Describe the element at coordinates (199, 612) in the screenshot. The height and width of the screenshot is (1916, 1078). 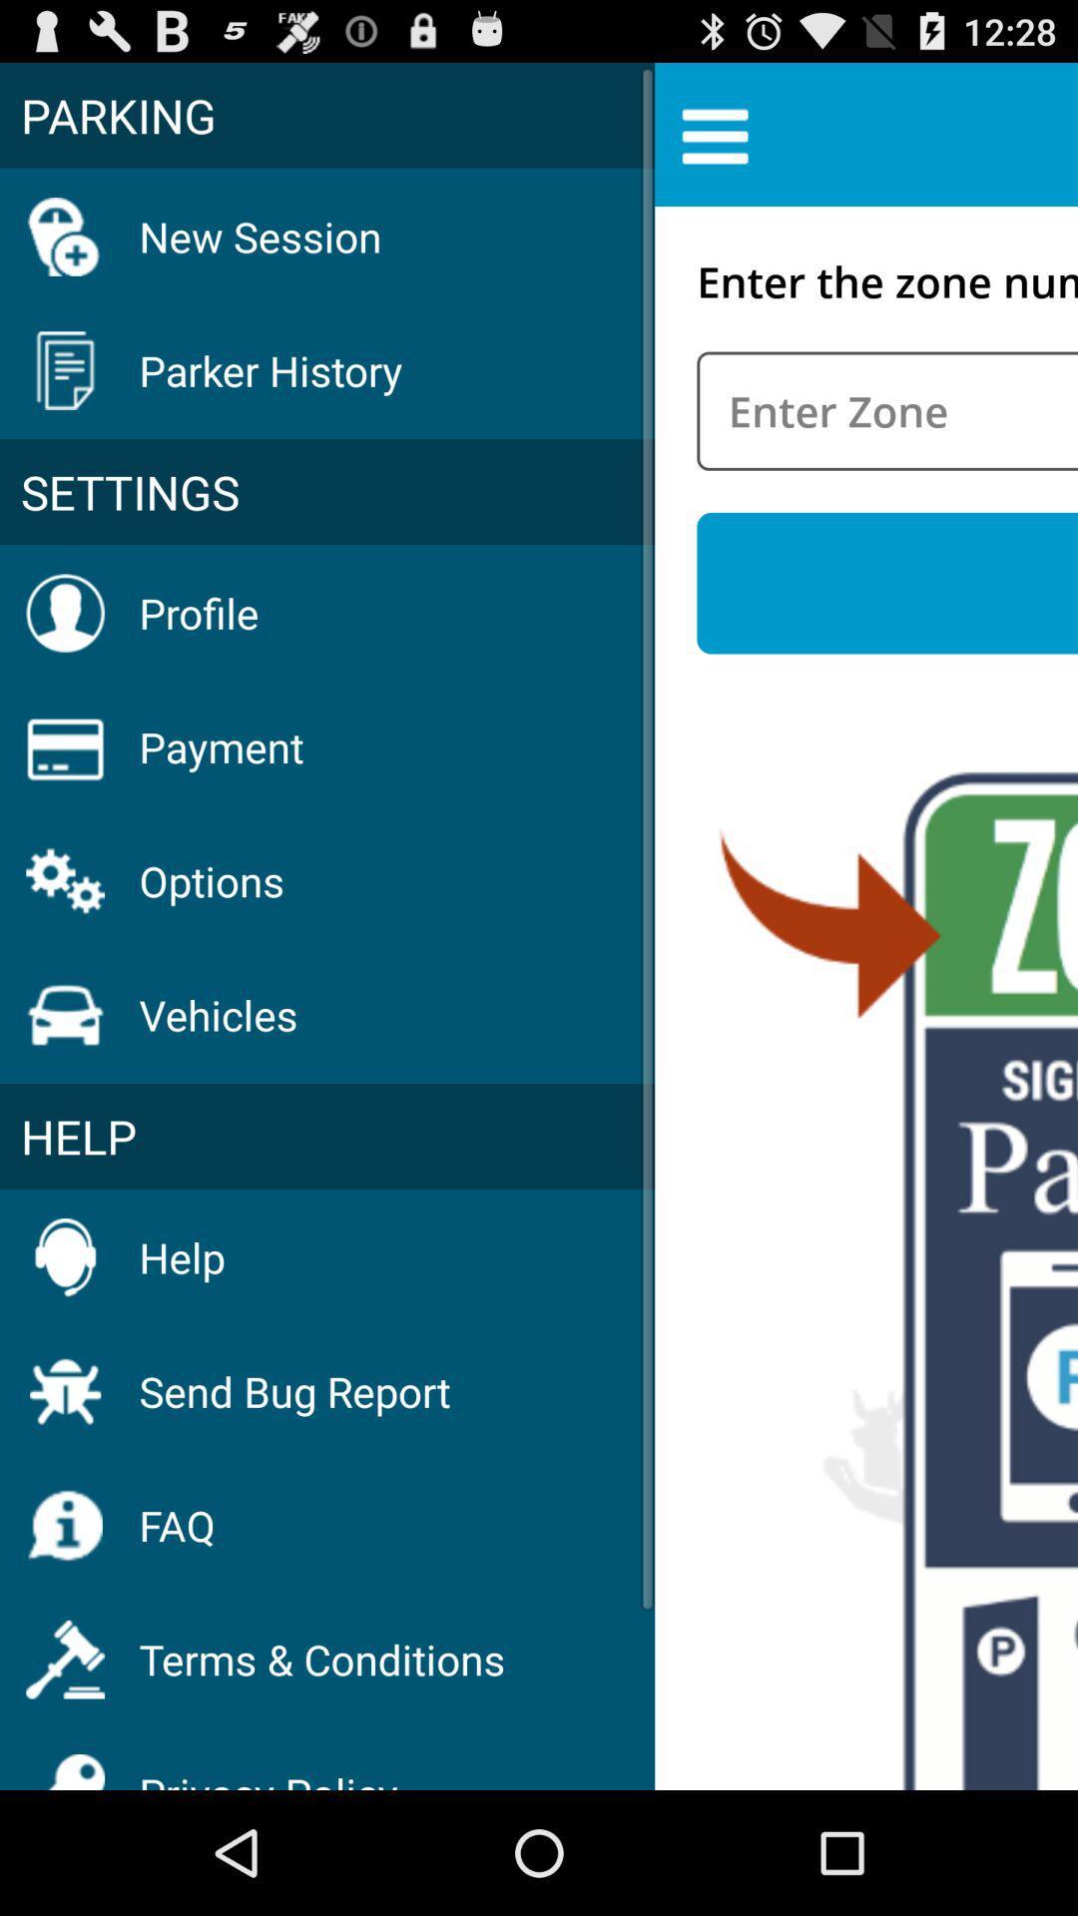
I see `item below settings item` at that location.